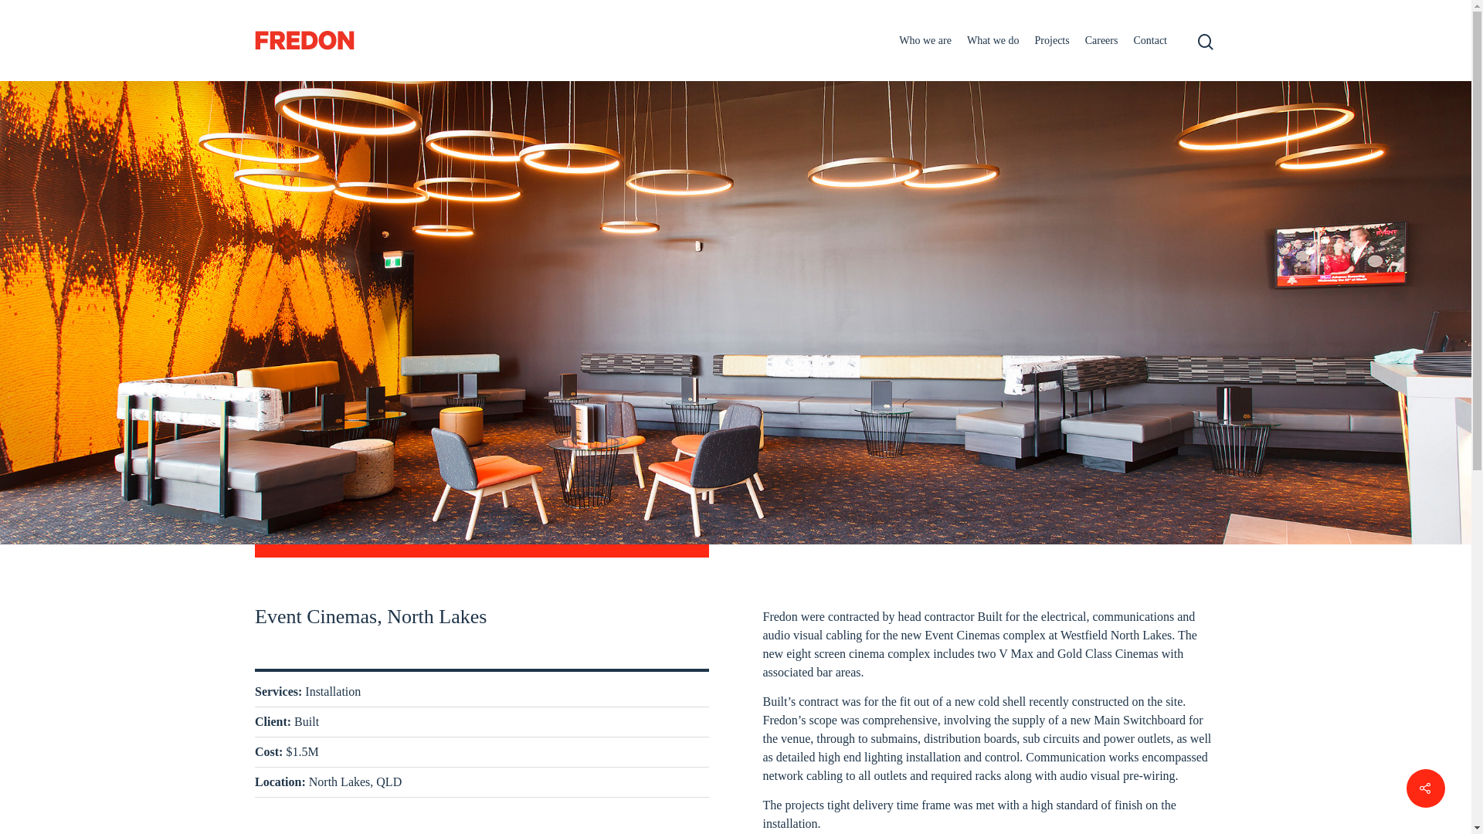 The height and width of the screenshot is (834, 1483). What do you see at coordinates (1084, 39) in the screenshot?
I see `'Careers'` at bounding box center [1084, 39].